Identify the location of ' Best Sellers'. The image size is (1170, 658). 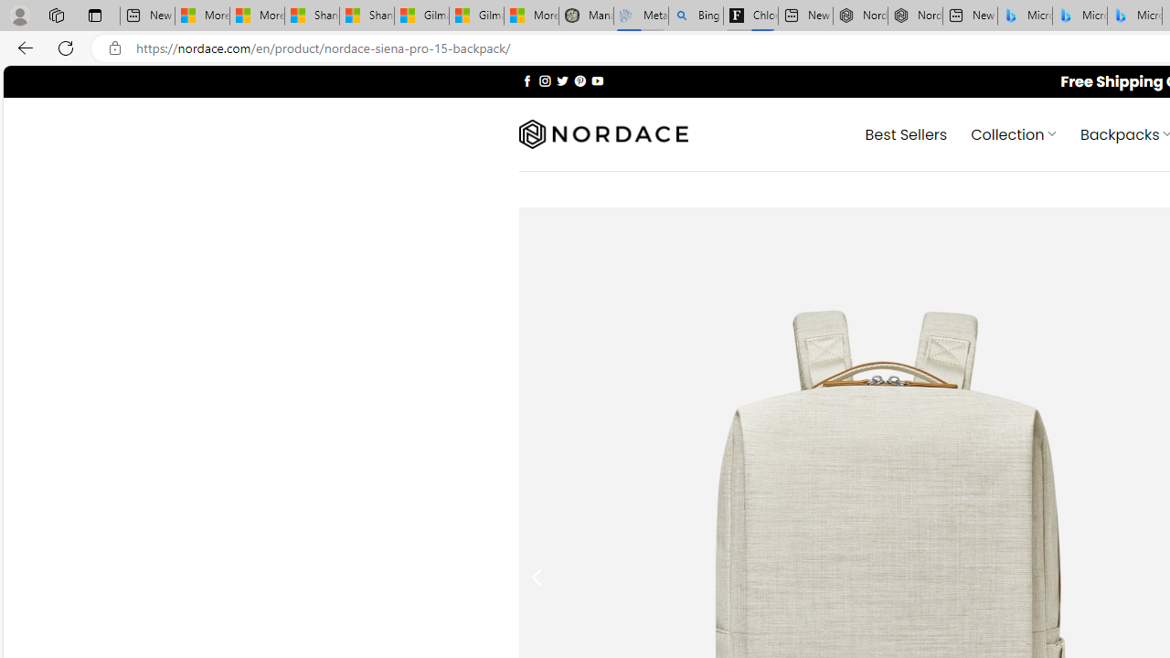
(906, 133).